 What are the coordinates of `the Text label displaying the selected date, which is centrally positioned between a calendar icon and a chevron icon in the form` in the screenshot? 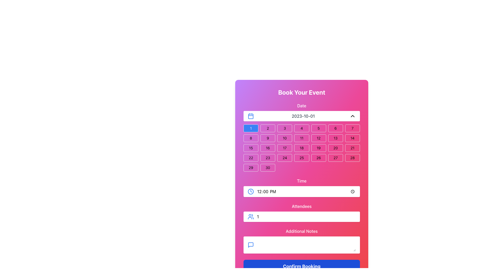 It's located at (303, 116).